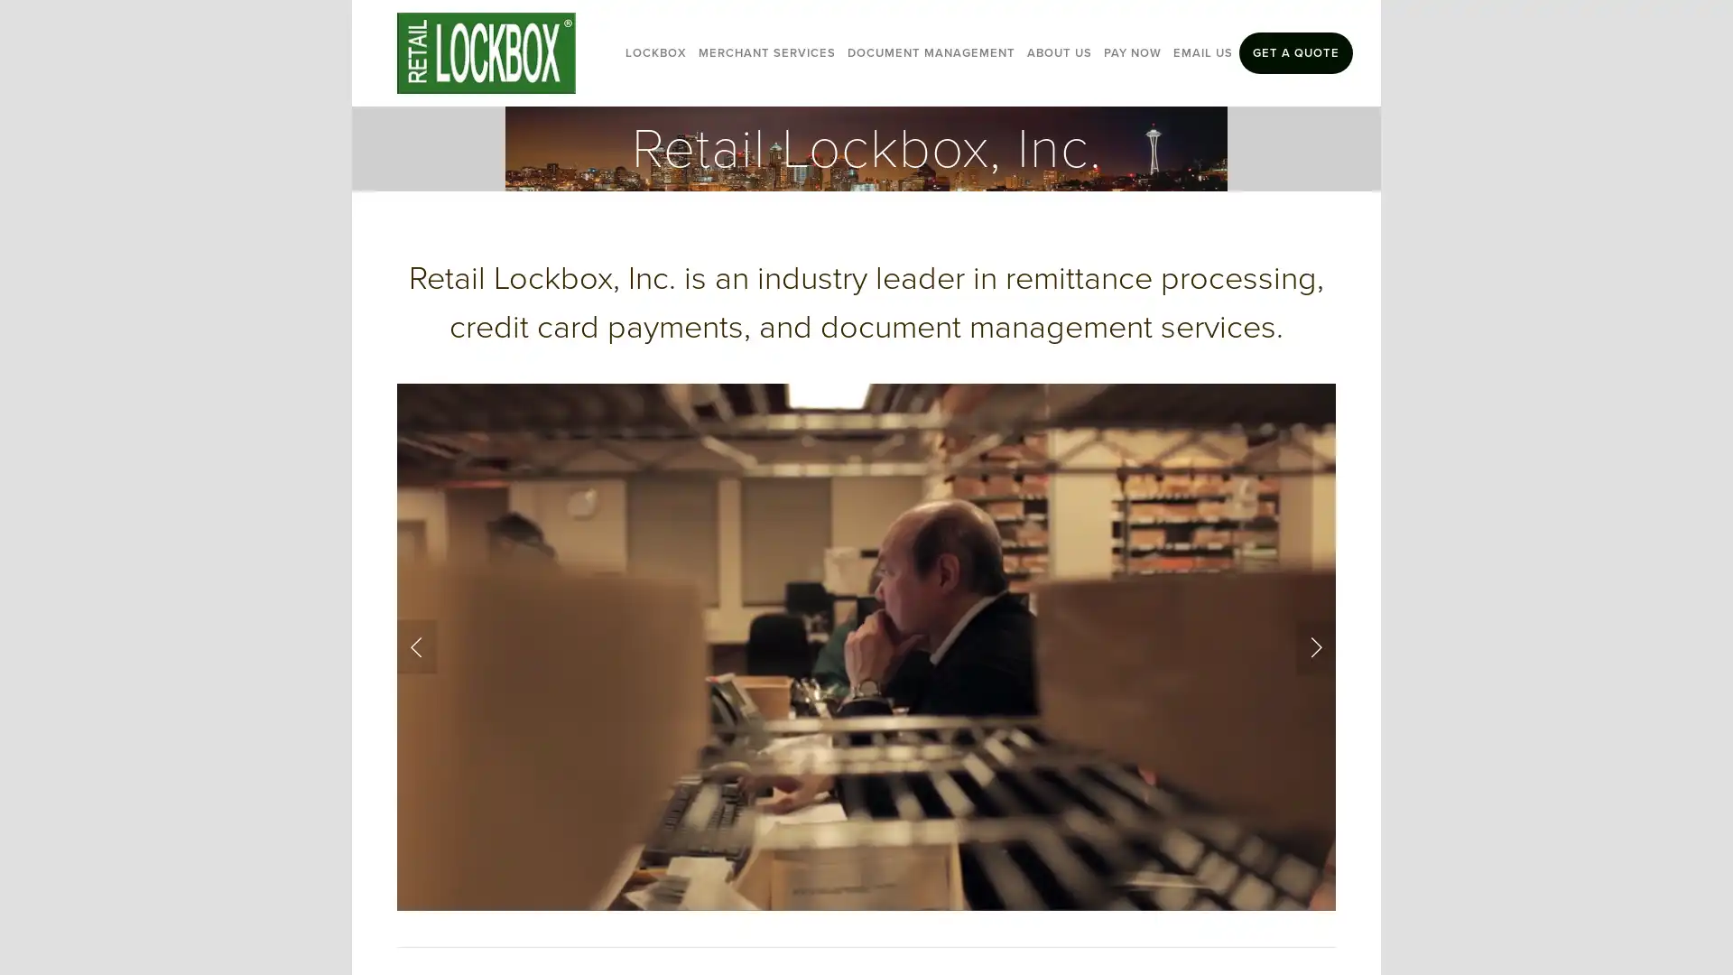 The image size is (1733, 975). I want to click on Next Slide, so click(1316, 645).